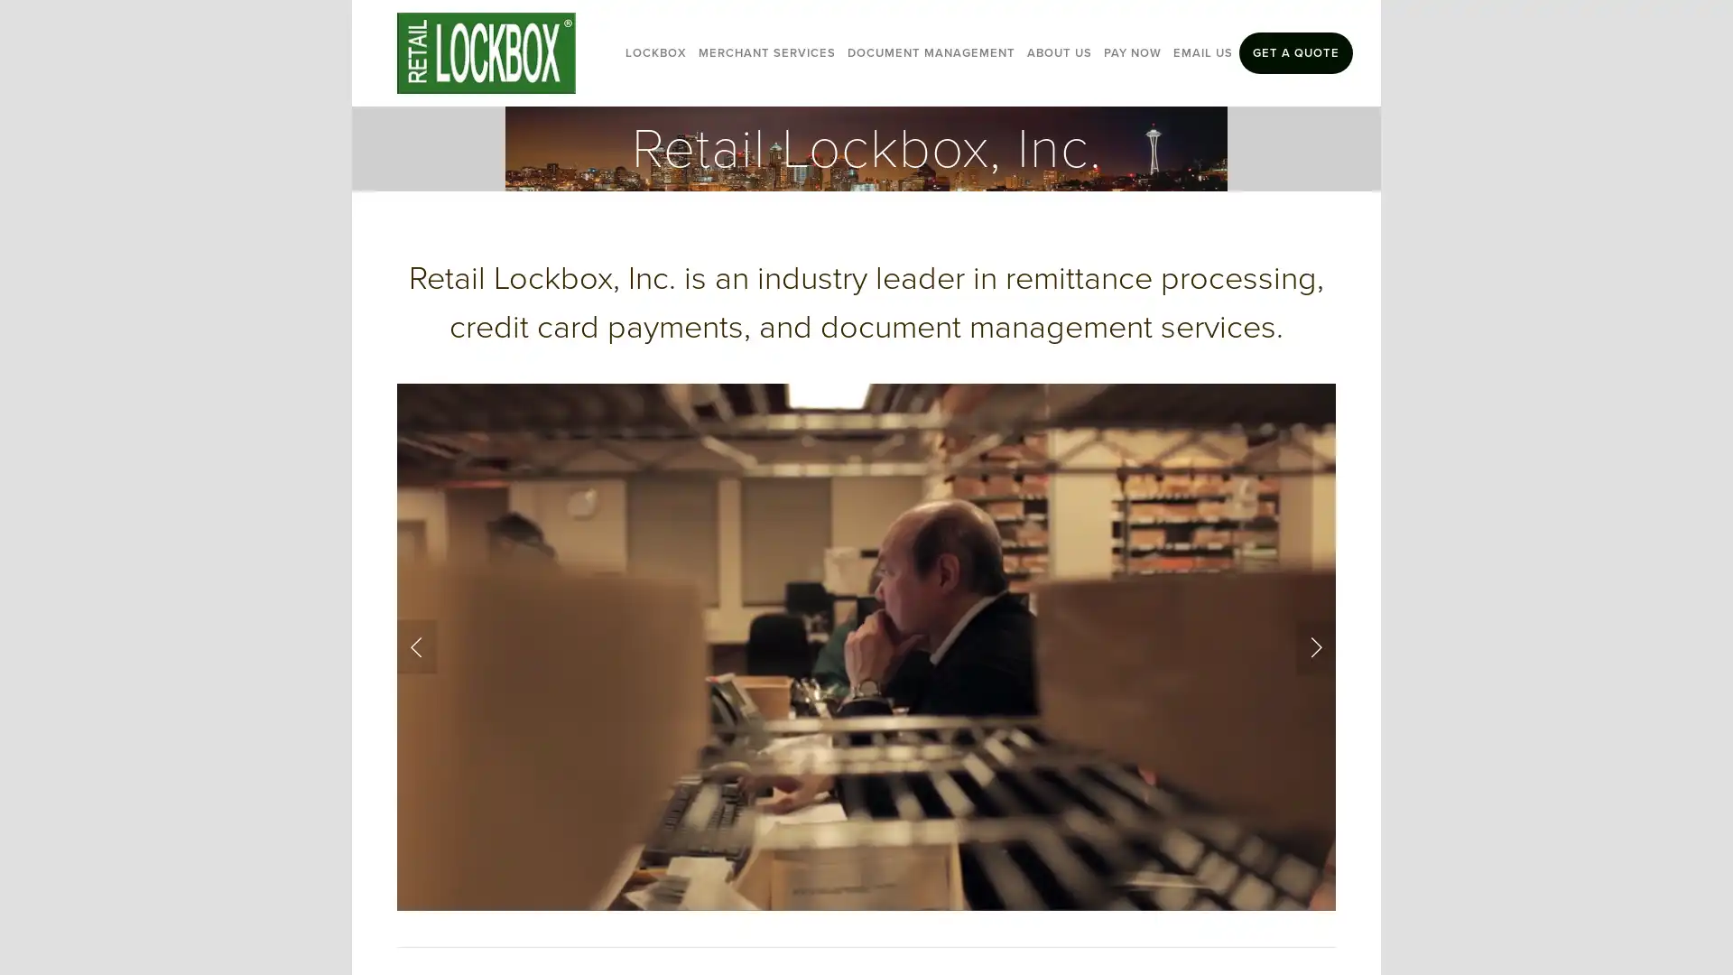 The image size is (1733, 975). I want to click on Next Slide, so click(1316, 645).